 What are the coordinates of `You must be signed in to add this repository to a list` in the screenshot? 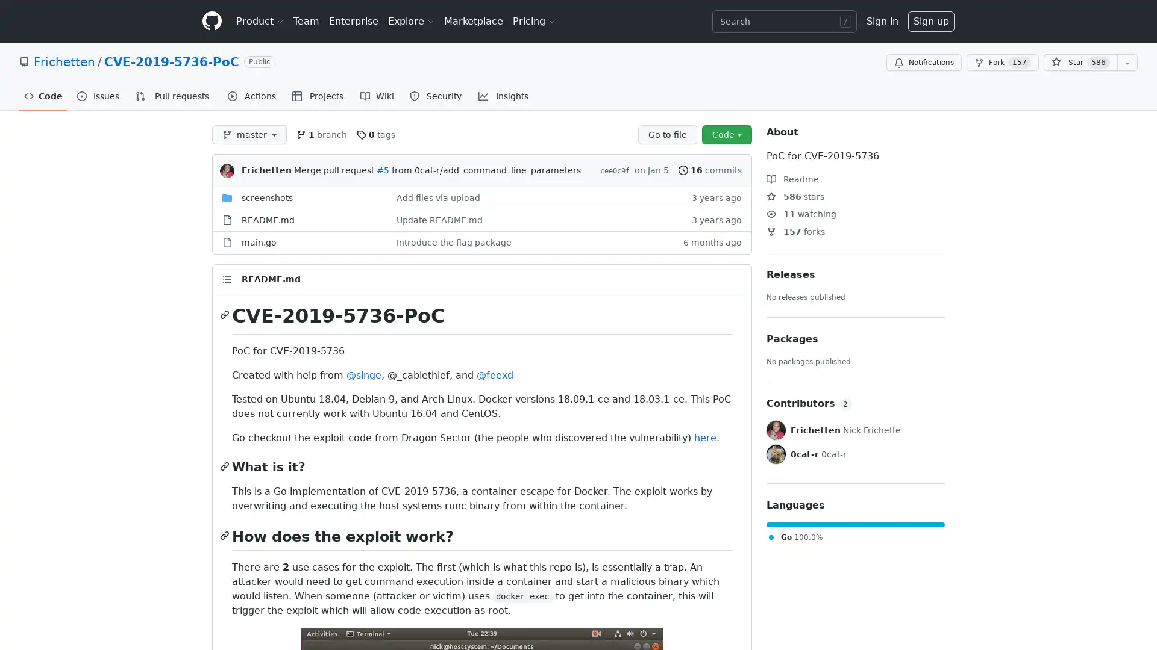 It's located at (1127, 63).